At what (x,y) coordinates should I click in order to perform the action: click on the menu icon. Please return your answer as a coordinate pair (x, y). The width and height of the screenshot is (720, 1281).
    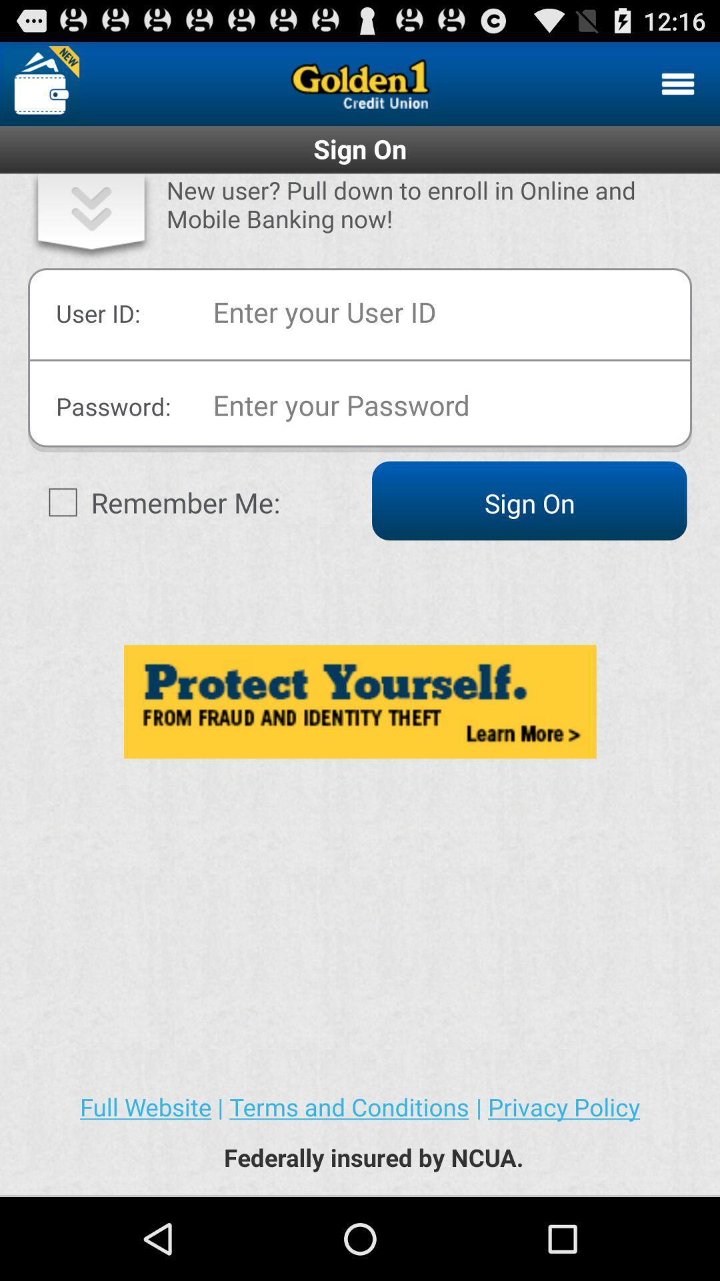
    Looking at the image, I should click on (678, 89).